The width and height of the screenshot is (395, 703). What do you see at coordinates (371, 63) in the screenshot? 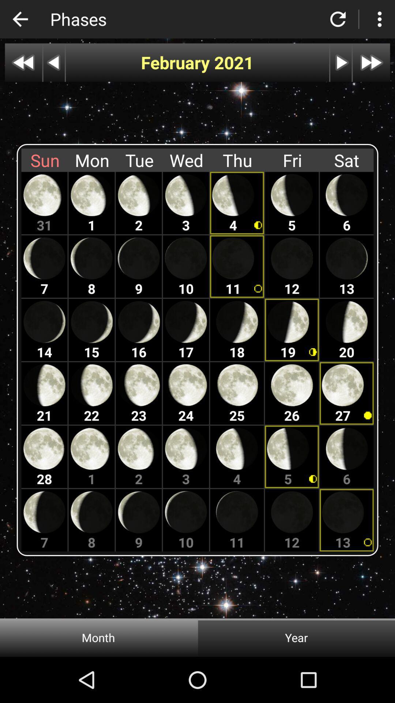
I see `the av_forward icon` at bounding box center [371, 63].